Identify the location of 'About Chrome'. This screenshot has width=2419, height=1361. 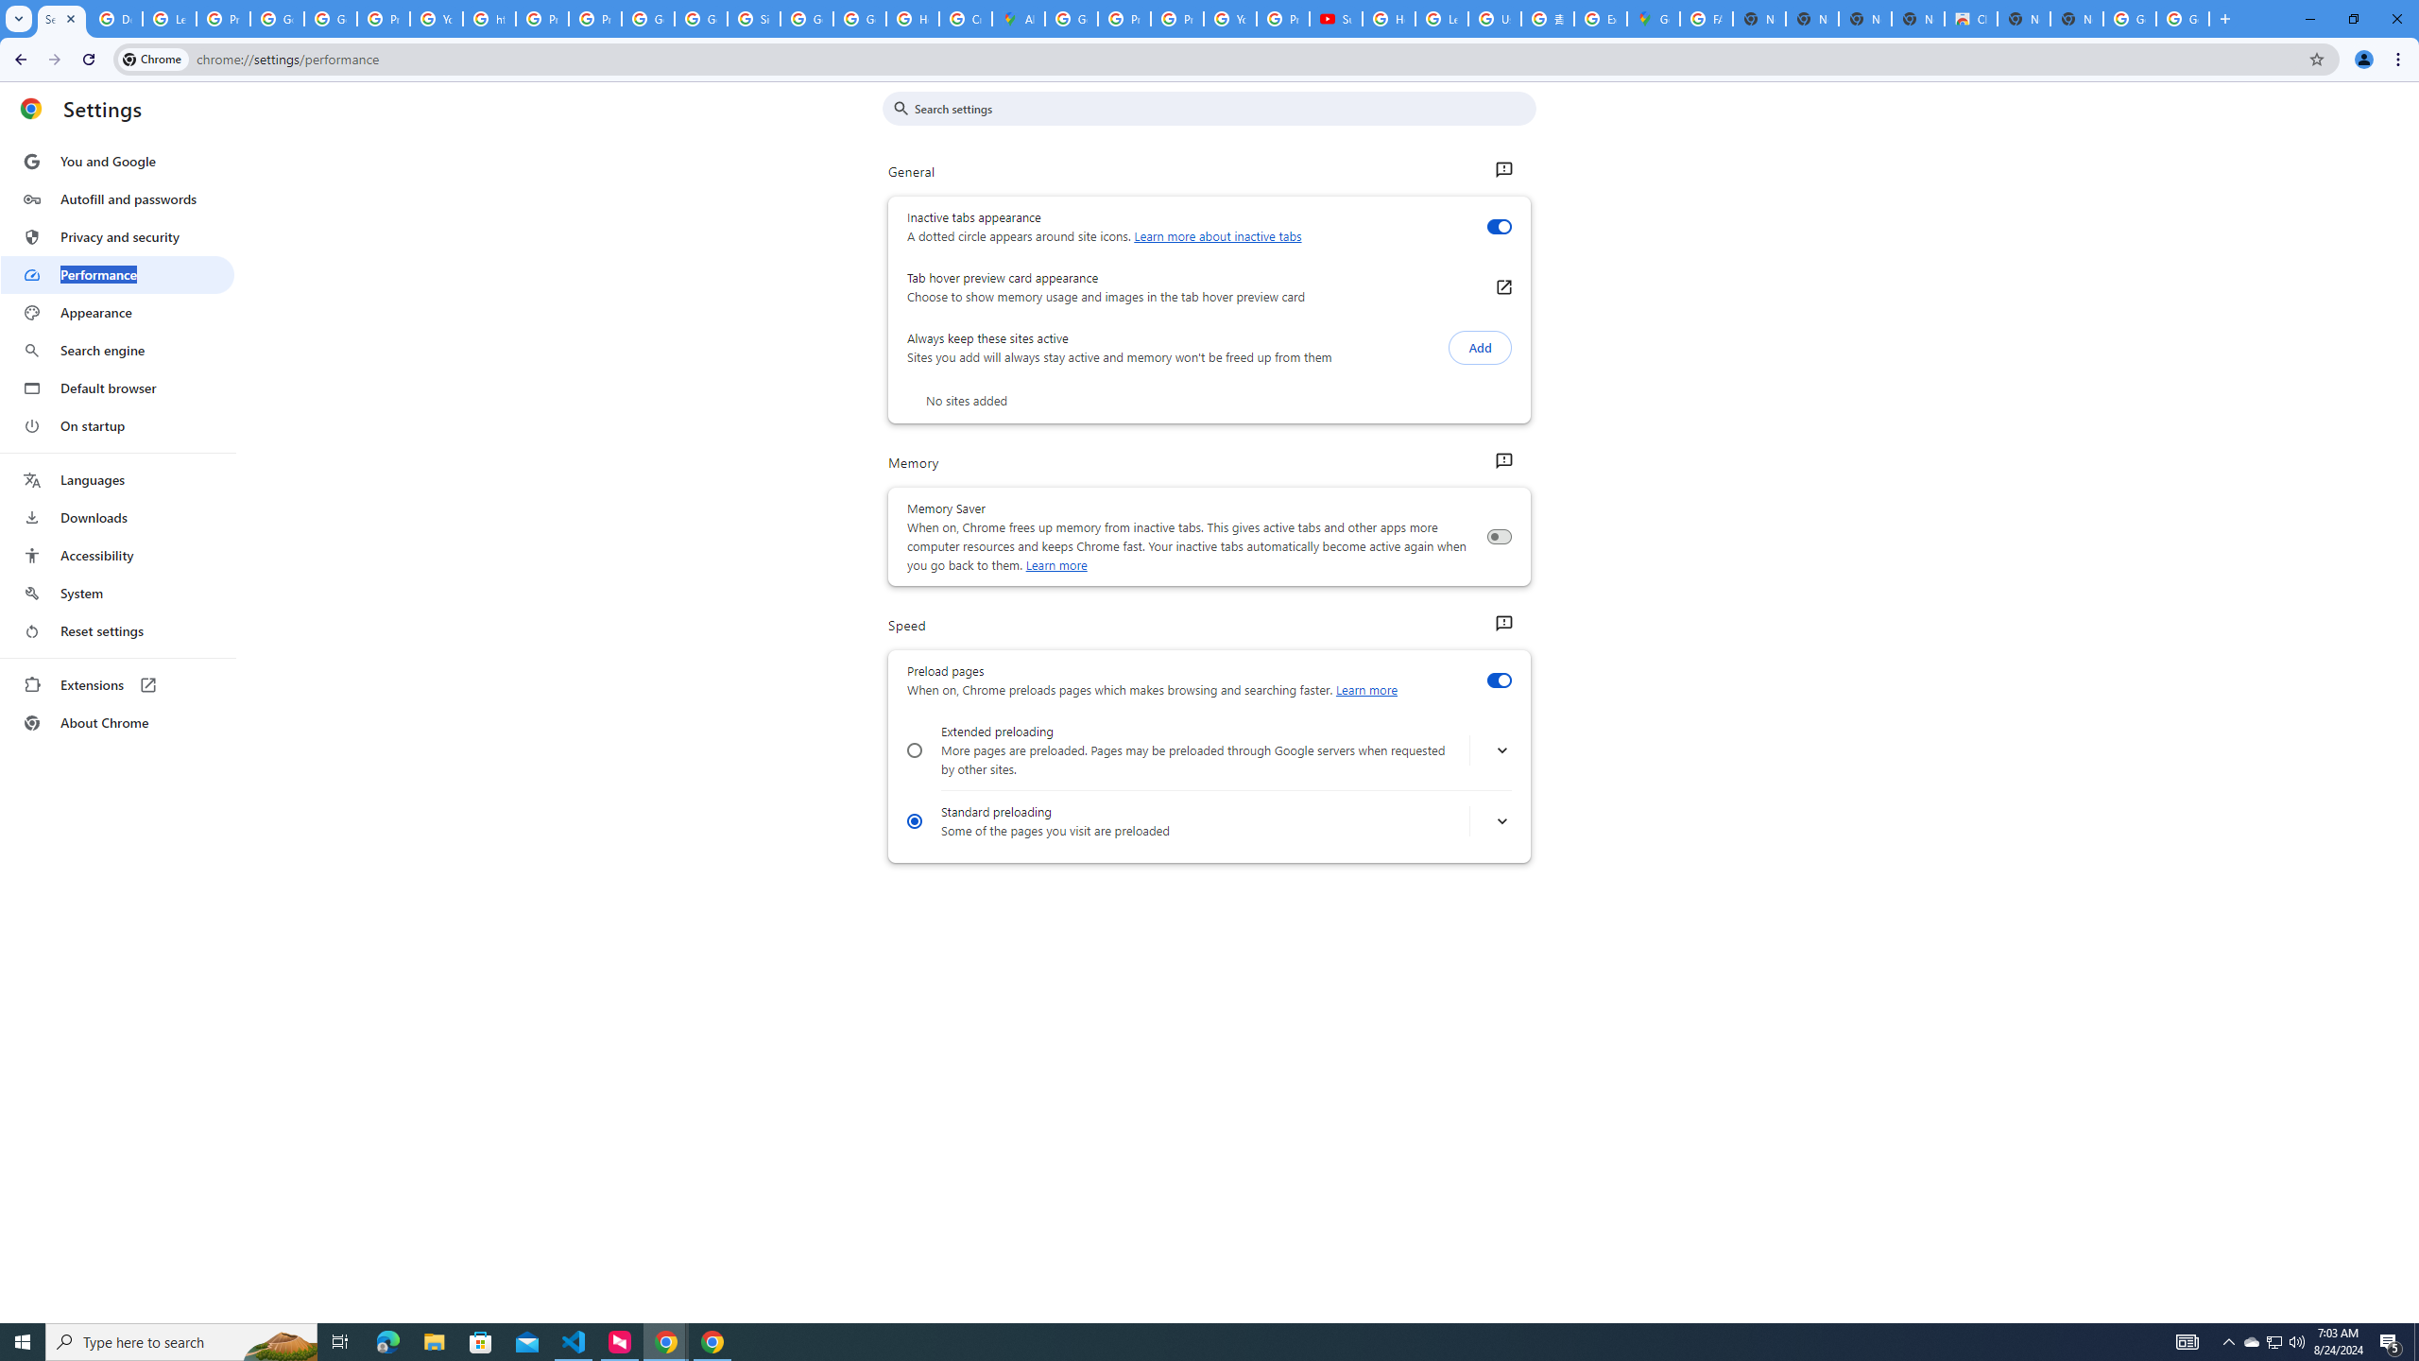
(116, 721).